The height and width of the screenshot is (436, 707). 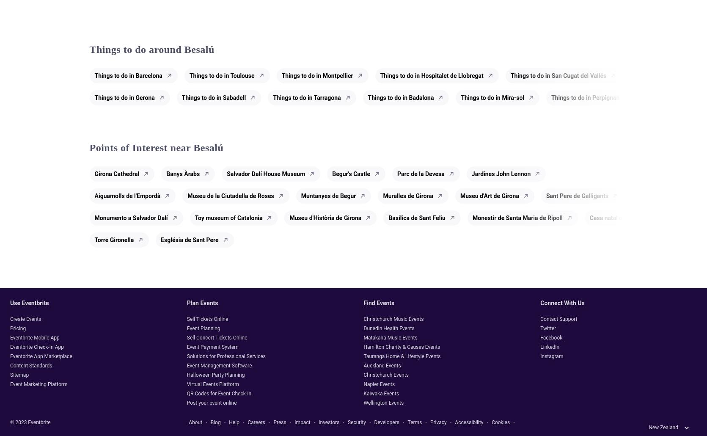 I want to click on 'Things to do in San Cugat del Vallés', so click(x=558, y=75).